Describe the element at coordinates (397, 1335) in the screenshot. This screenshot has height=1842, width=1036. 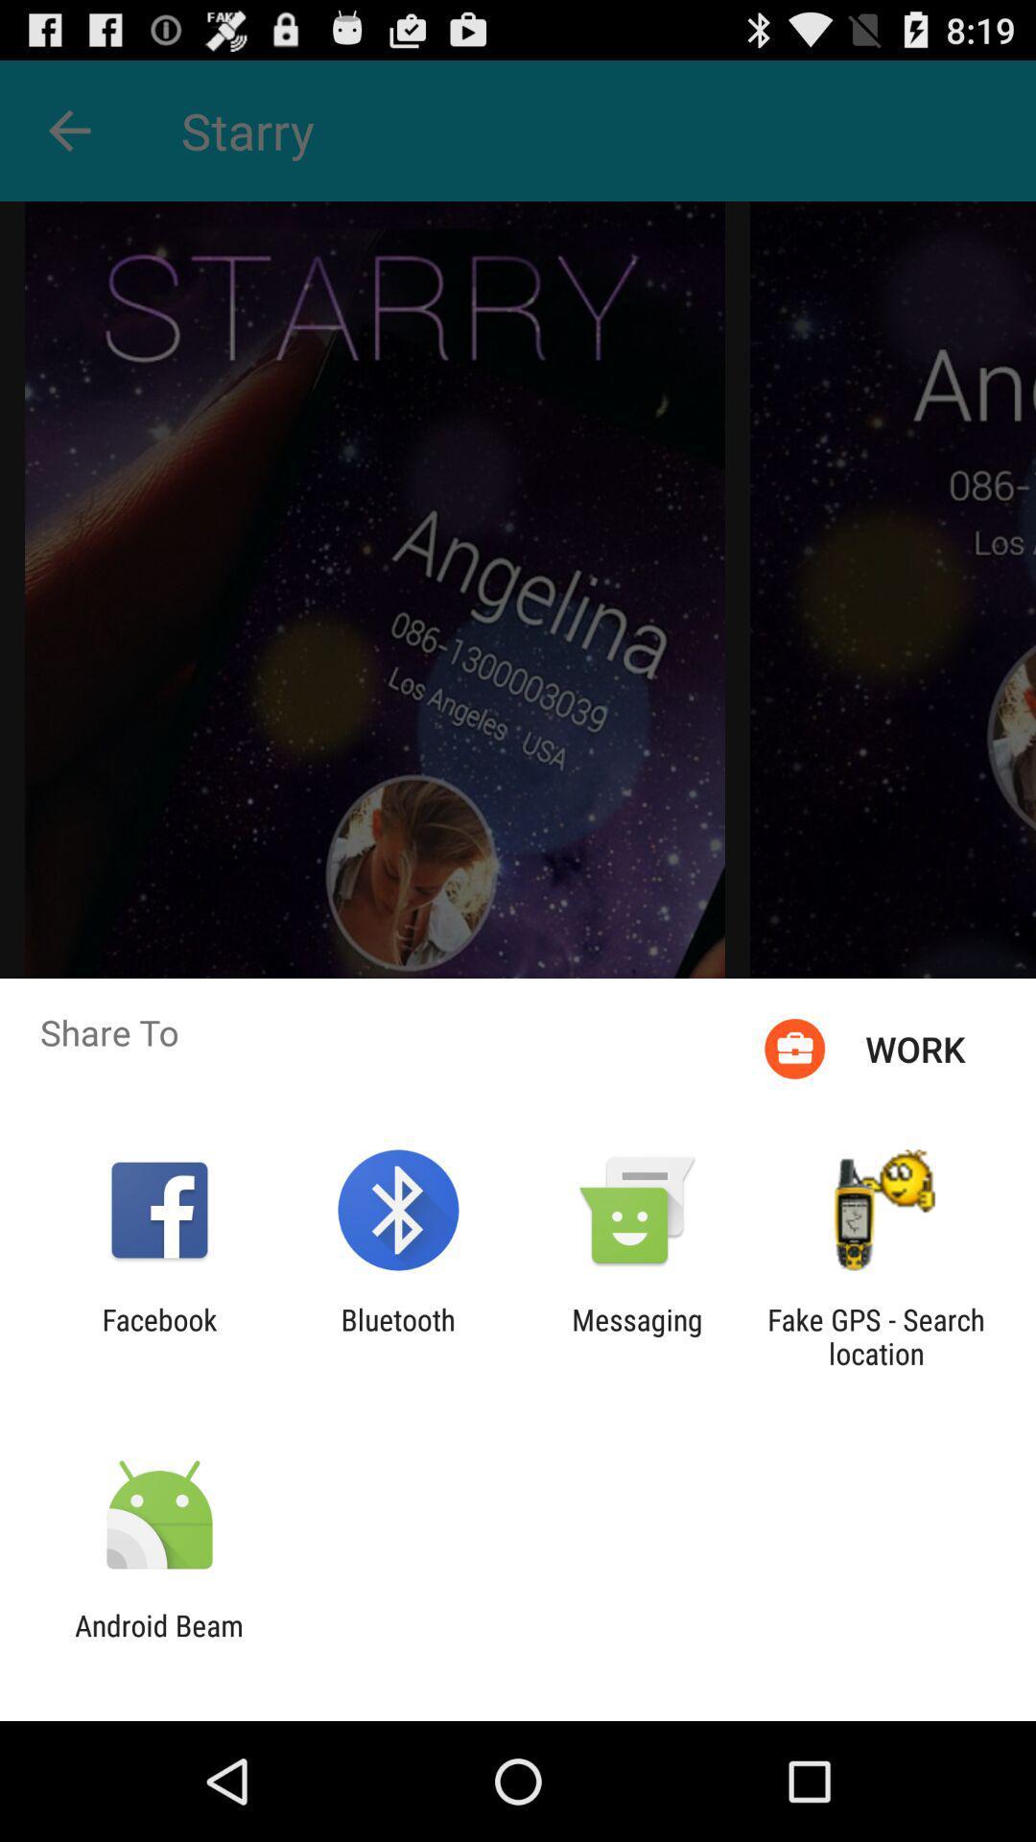
I see `icon to the left of messaging app` at that location.